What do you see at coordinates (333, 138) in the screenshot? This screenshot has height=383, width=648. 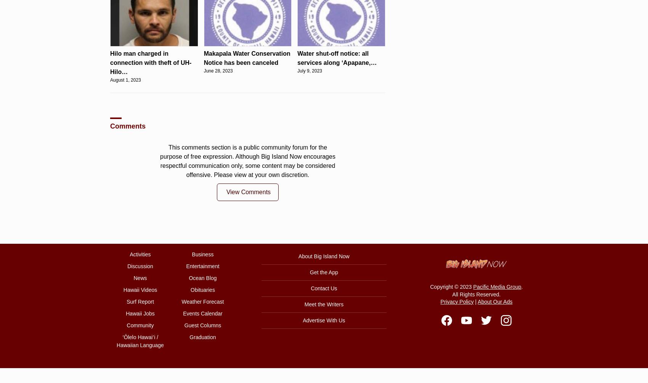 I see `'Post a Job Listing'` at bounding box center [333, 138].